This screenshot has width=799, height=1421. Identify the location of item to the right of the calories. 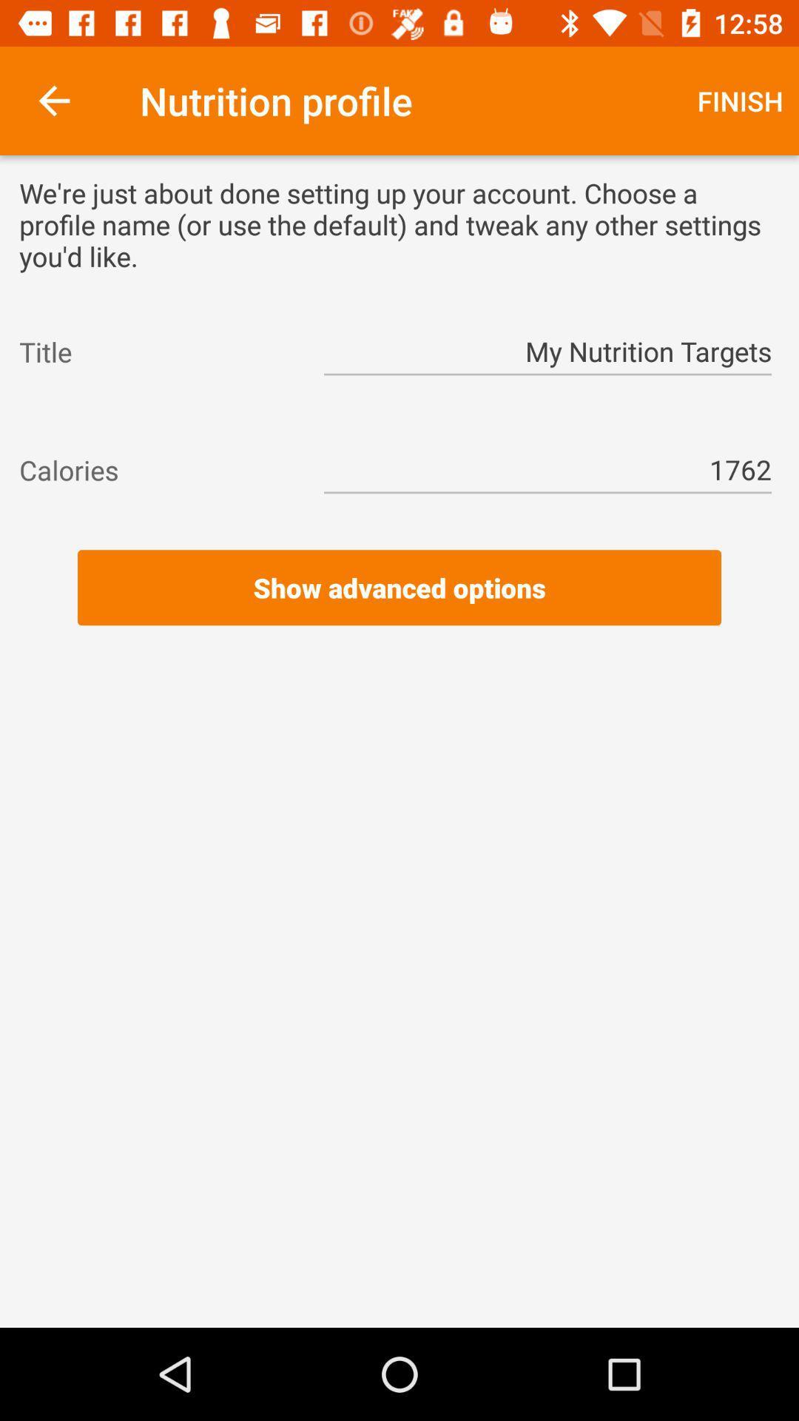
(547, 469).